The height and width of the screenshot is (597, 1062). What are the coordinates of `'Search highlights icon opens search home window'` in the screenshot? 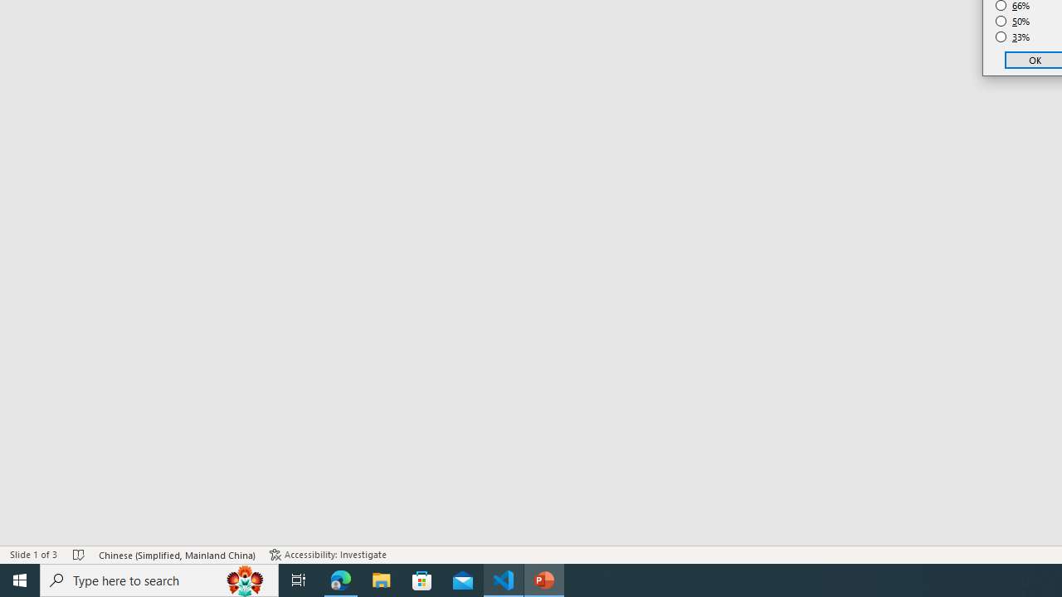 It's located at (244, 579).